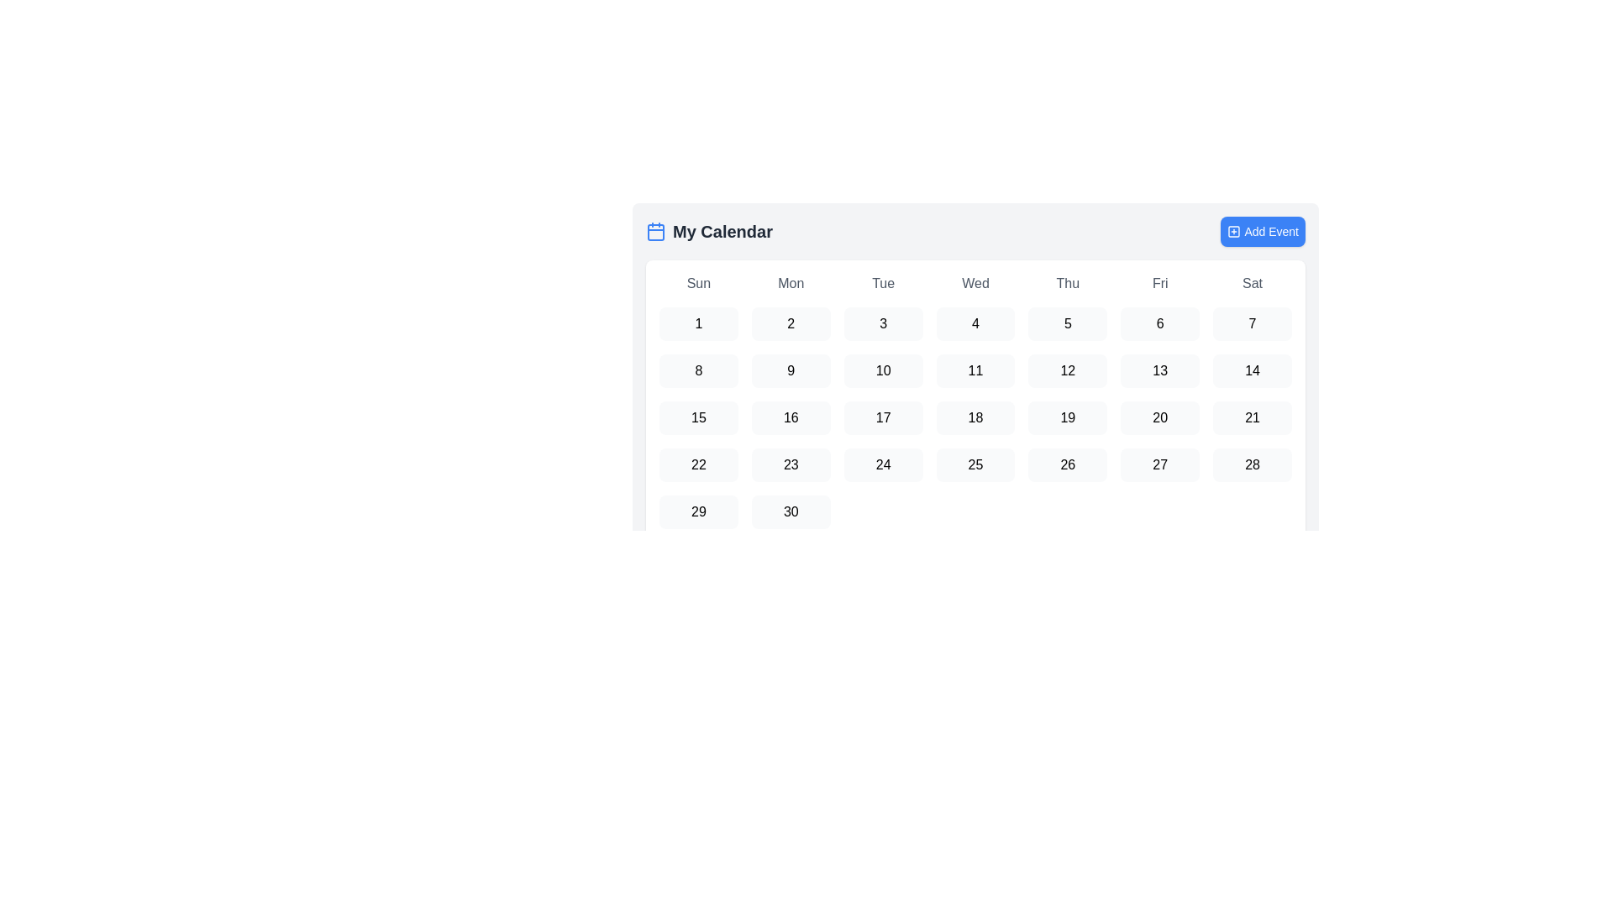 This screenshot has width=1613, height=907. I want to click on the calendar day tile representing the sixth day of the month, located under the 'Fri' column in the first row of the grid, so click(1159, 323).